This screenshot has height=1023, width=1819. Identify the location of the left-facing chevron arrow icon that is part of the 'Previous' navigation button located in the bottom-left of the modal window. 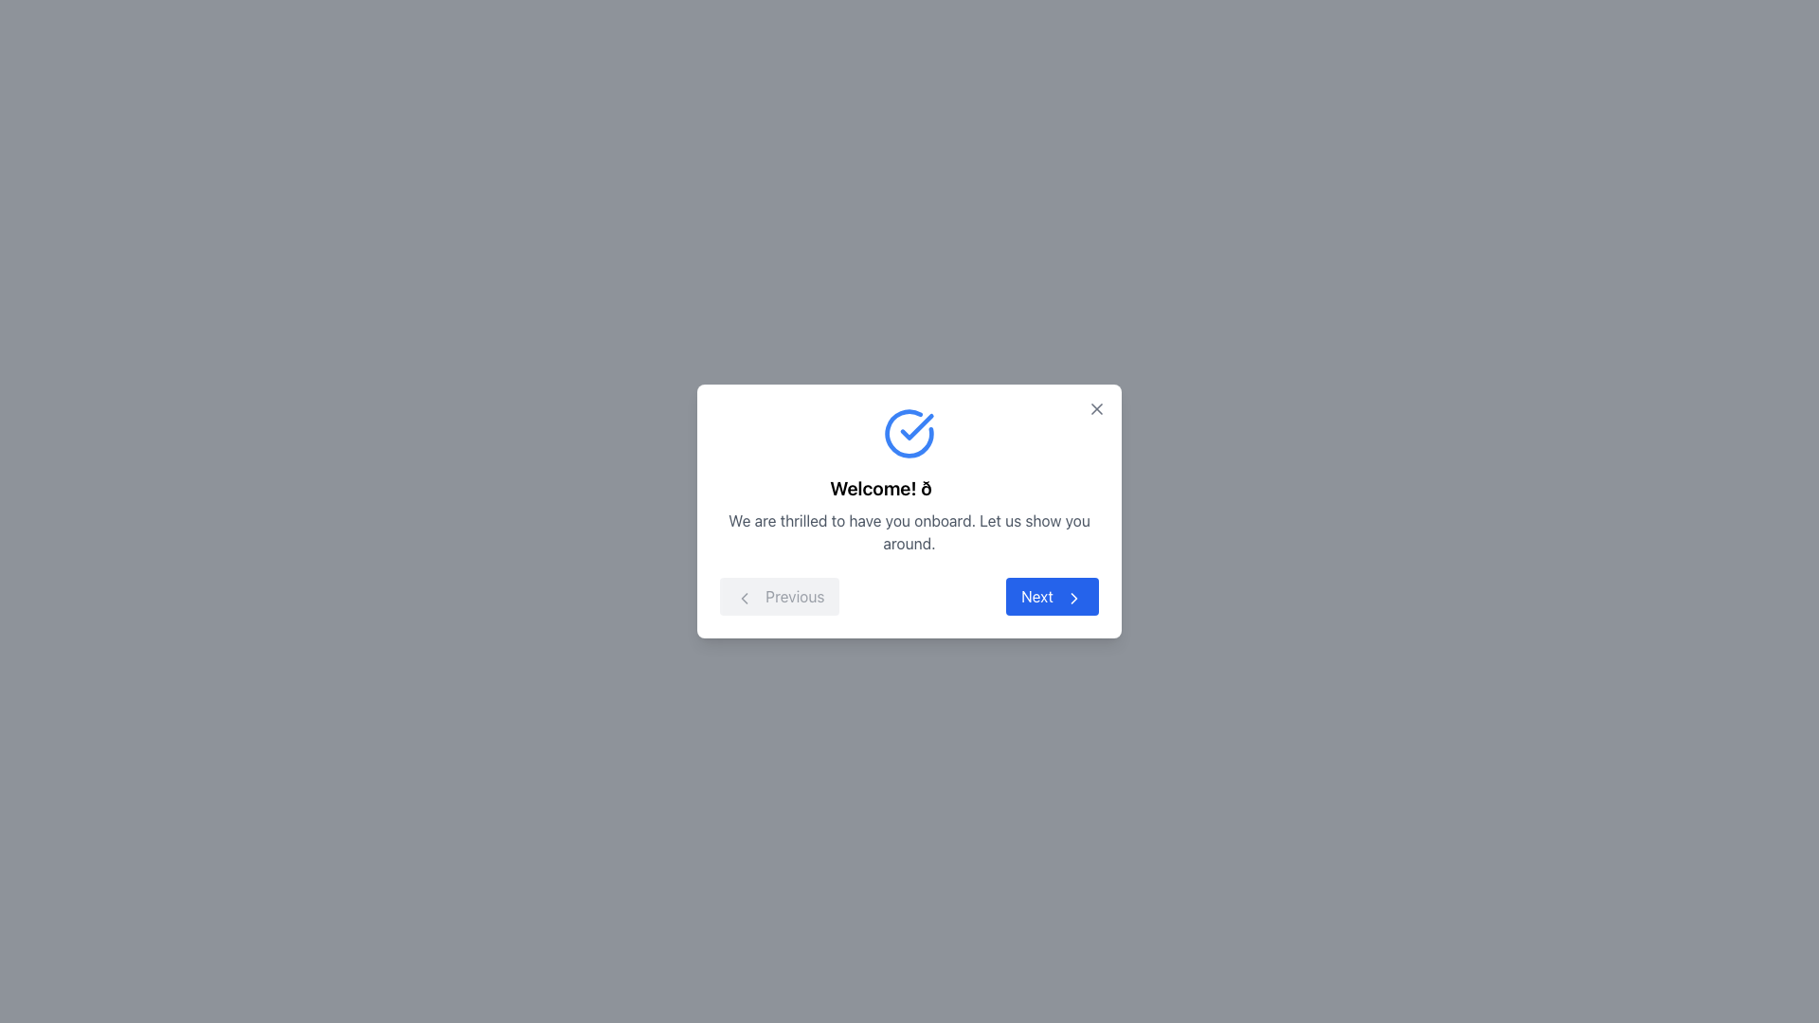
(744, 598).